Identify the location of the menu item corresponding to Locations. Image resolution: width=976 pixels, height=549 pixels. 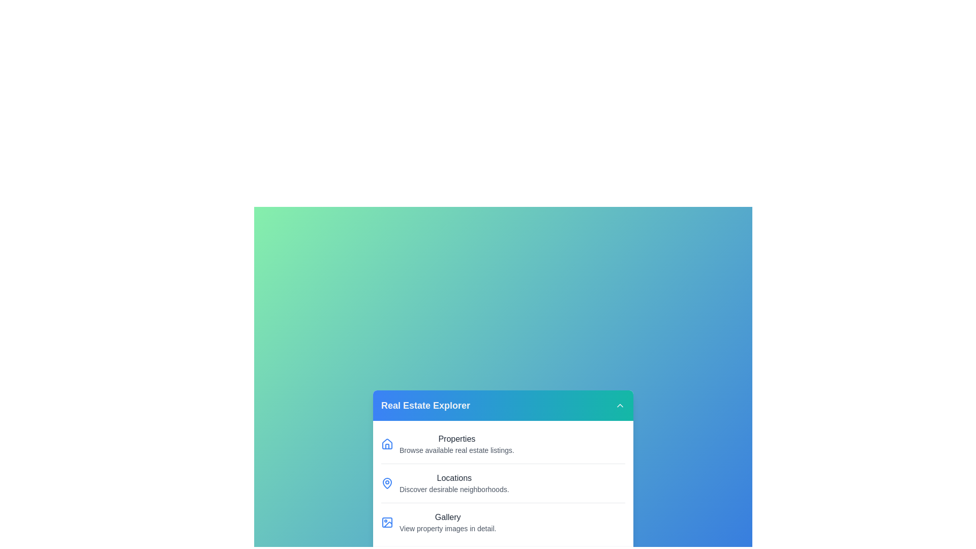
(503, 482).